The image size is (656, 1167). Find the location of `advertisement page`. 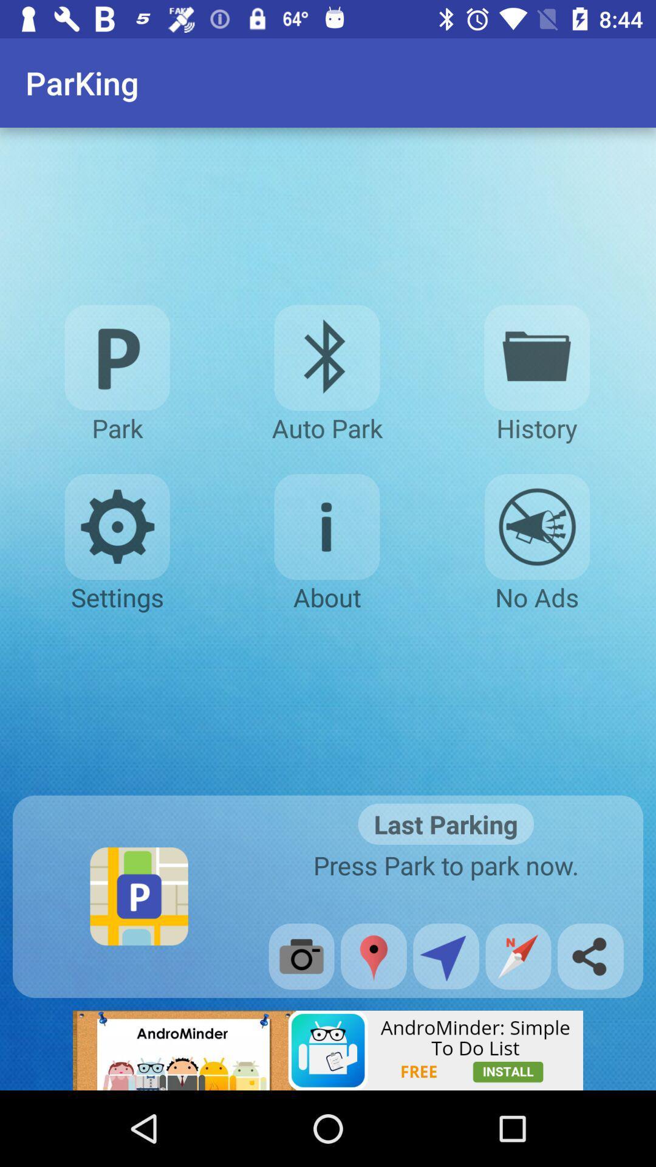

advertisement page is located at coordinates (328, 1050).